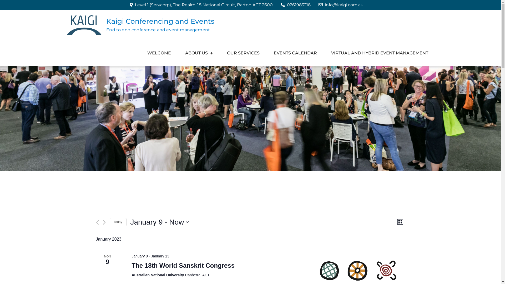 The image size is (505, 284). I want to click on 'ABOUT US', so click(178, 53).